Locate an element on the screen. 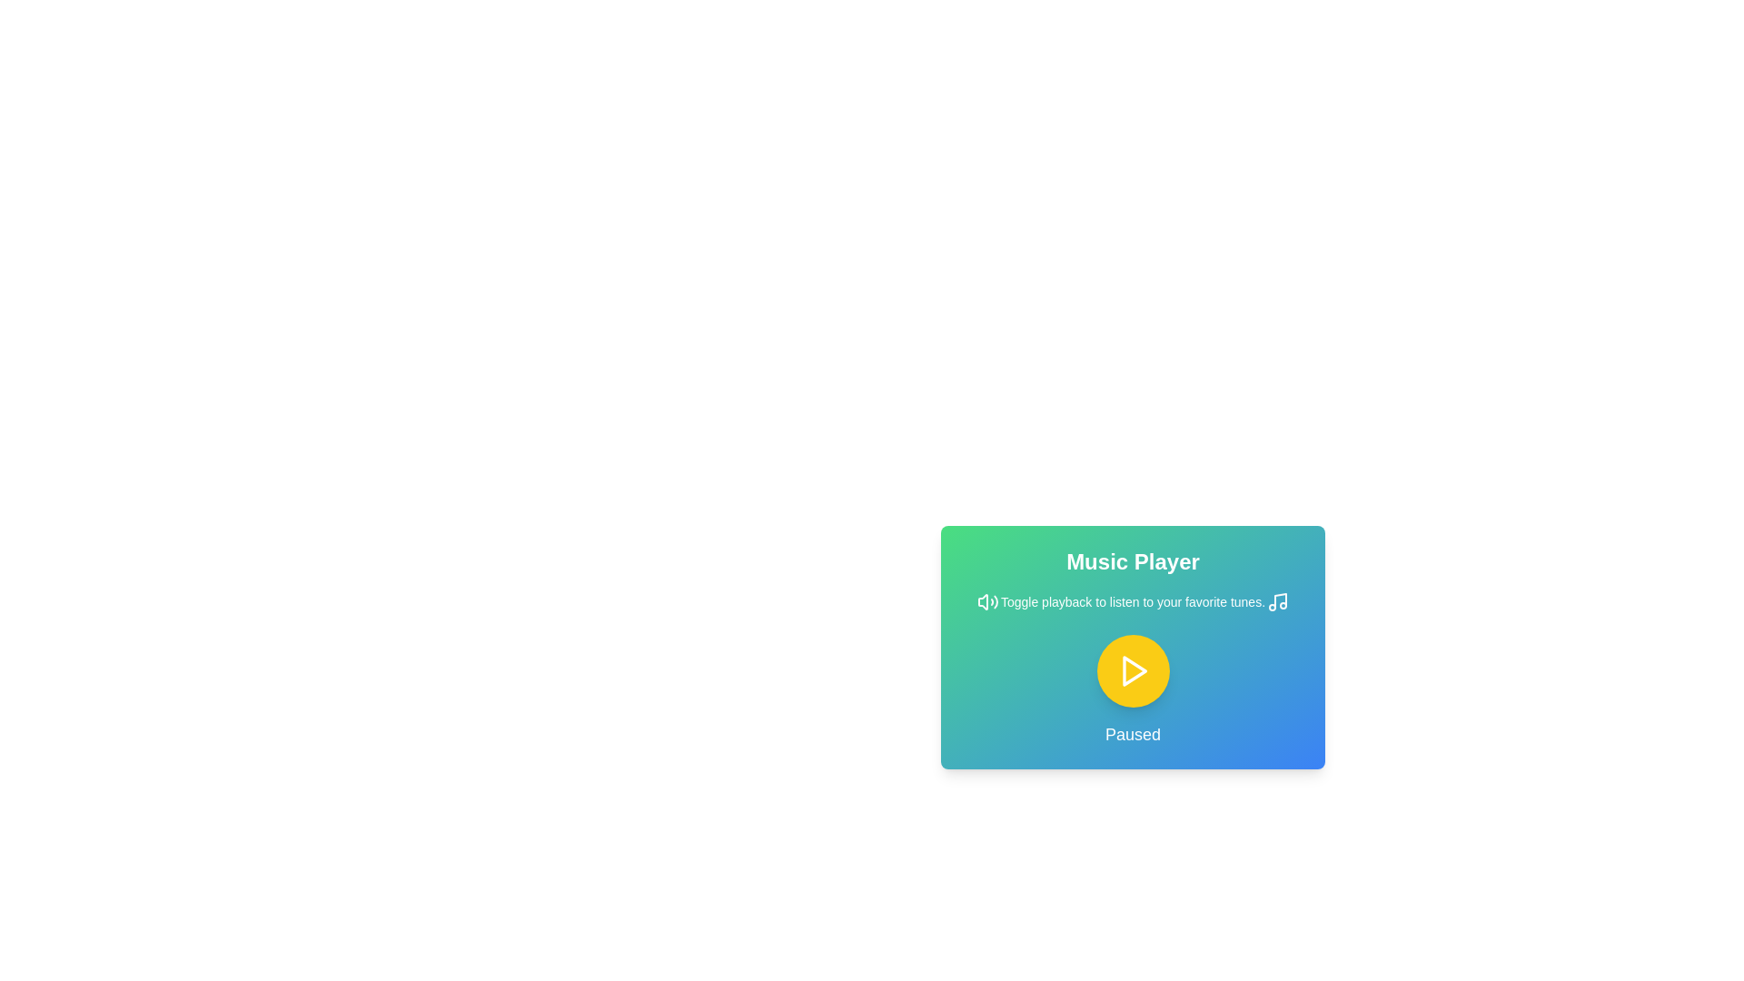 Image resolution: width=1744 pixels, height=981 pixels. the static text label that indicates the playback toggle for listening to favorite tunes, located below the 'Music Player' title and above the play button is located at coordinates (1132, 602).